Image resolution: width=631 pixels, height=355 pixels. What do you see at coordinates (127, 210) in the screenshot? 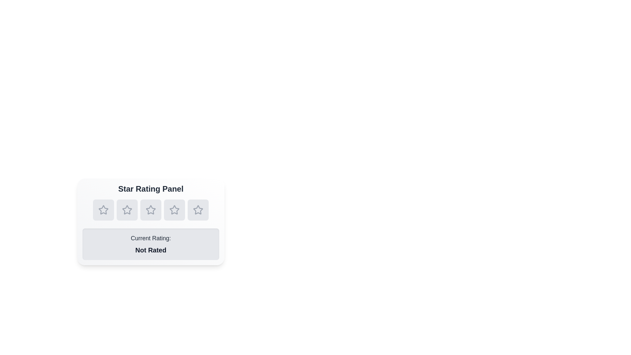
I see `the second outlined star icon in the star rating panel` at bounding box center [127, 210].